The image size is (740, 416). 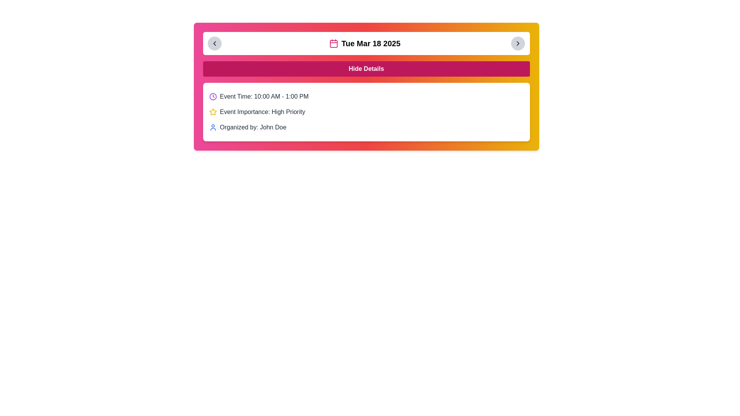 I want to click on the chevron-right SVG icon located inside the circular button in the top-right corner of the main content box, adjacent to the title 'Tue Mar 18 2025', so click(x=518, y=43).